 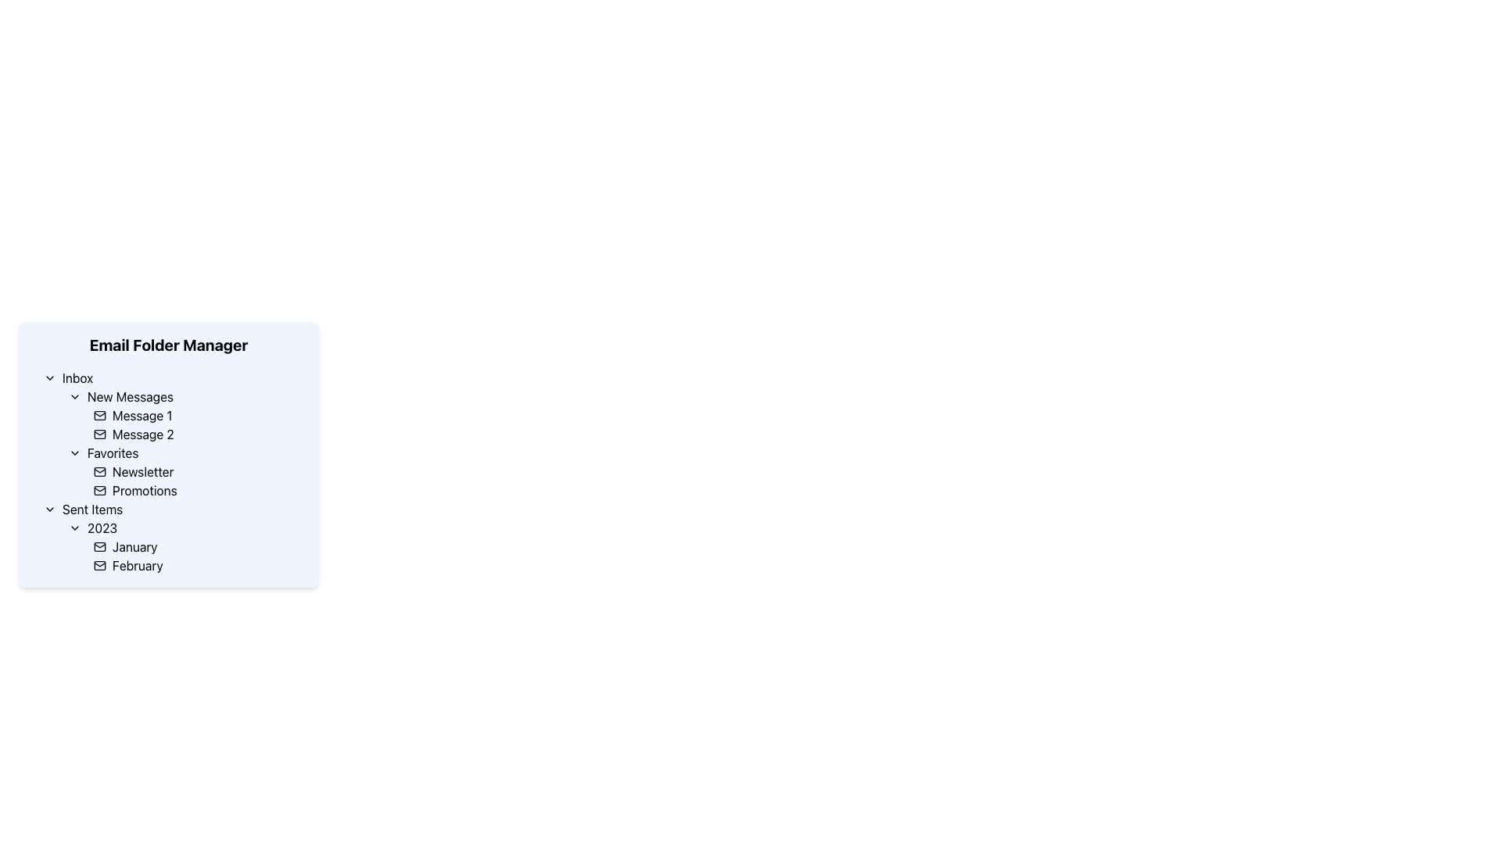 What do you see at coordinates (143, 471) in the screenshot?
I see `the text label 'Newsletter' located in the 'Favorites' section of the menu` at bounding box center [143, 471].